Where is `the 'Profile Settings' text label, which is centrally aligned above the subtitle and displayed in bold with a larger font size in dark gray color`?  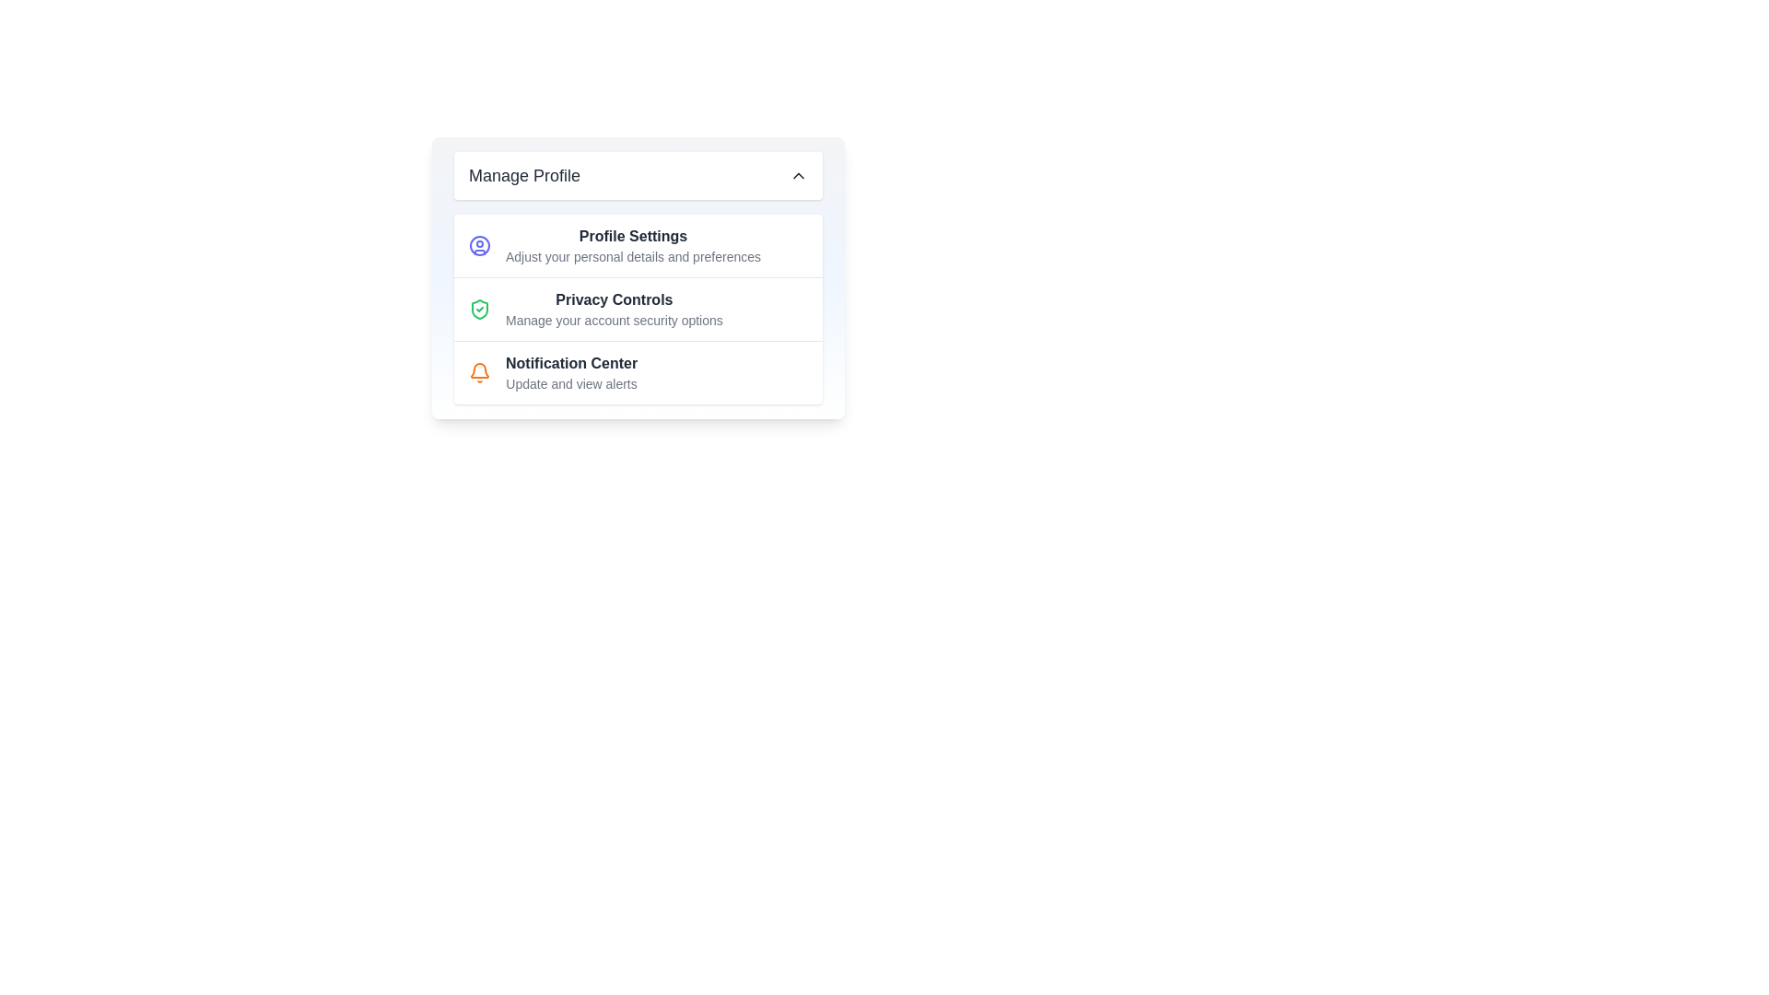
the 'Profile Settings' text label, which is centrally aligned above the subtitle and displayed in bold with a larger font size in dark gray color is located at coordinates (633, 236).